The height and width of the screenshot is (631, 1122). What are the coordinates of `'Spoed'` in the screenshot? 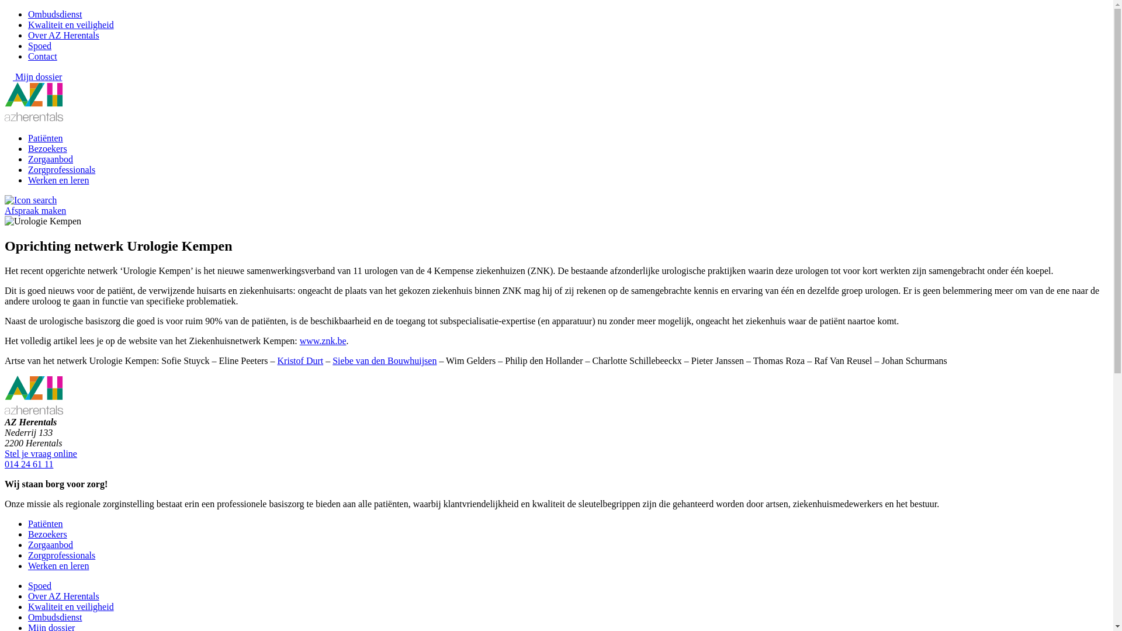 It's located at (28, 45).